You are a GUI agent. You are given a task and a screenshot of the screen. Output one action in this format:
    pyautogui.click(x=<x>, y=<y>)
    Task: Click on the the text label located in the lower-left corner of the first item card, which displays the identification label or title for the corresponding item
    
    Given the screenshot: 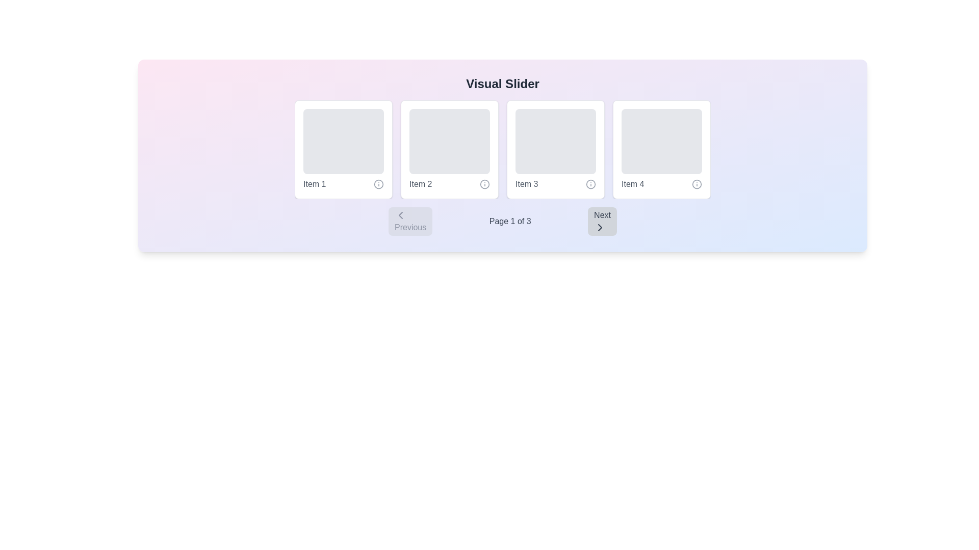 What is the action you would take?
    pyautogui.click(x=314, y=184)
    